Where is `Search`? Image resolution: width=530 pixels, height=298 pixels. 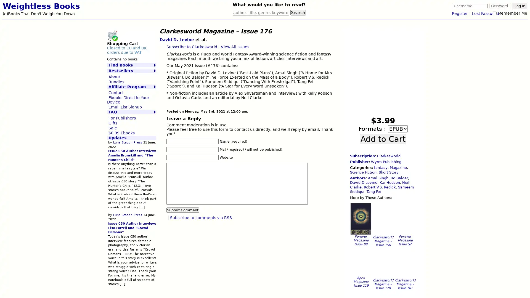
Search is located at coordinates (298, 12).